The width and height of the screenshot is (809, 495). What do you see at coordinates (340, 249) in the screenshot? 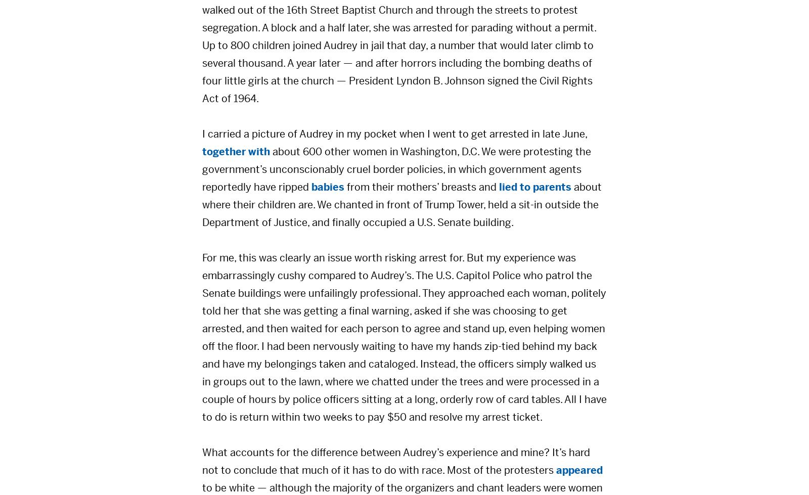
I see `'Experts'` at bounding box center [340, 249].